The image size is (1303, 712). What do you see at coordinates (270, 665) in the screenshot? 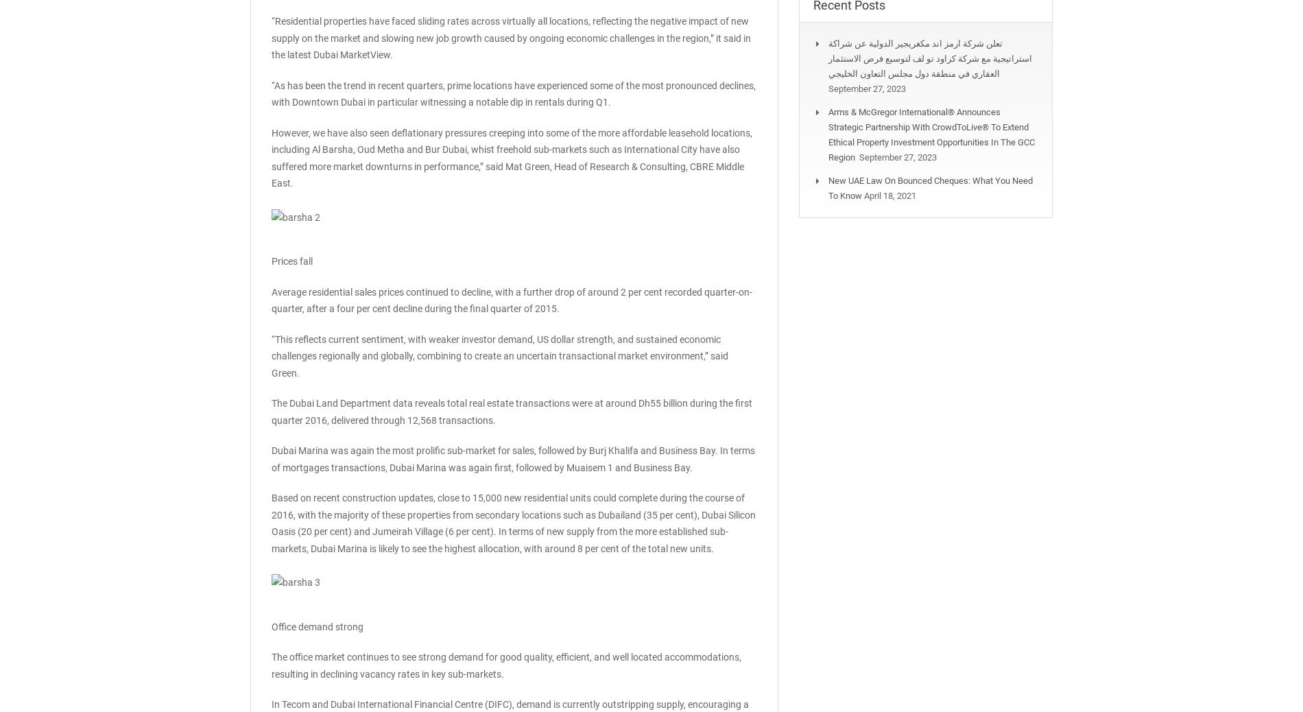
I see `'The office market continues to see strong demand for good quality, efficient, and well located accommodations, resulting in declining vacancy rates in key sub-markets.'` at bounding box center [270, 665].